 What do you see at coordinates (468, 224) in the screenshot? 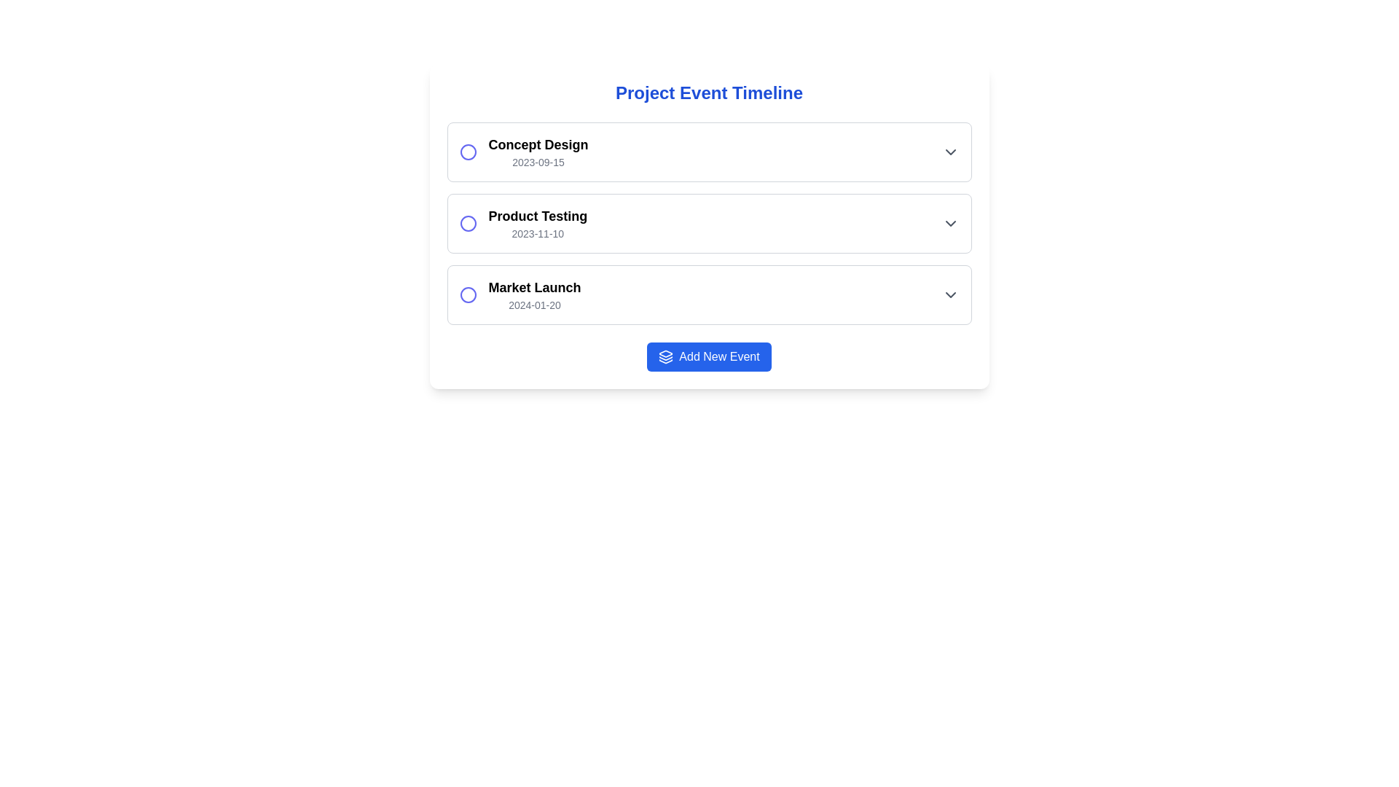
I see `the interactive radio button for selecting the event titled 'Product Testing', located in the second row of the event list` at bounding box center [468, 224].